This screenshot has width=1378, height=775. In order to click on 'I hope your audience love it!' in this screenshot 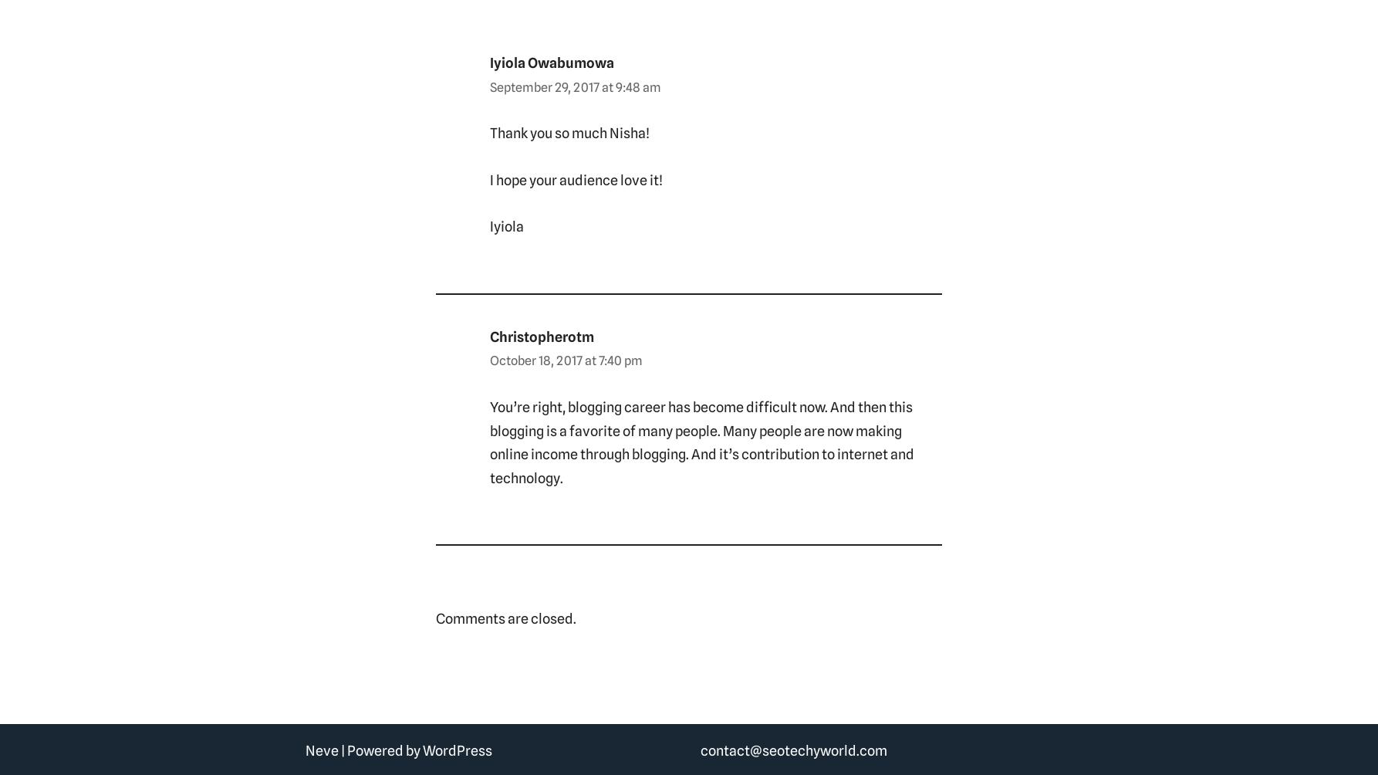, I will do `click(489, 178)`.